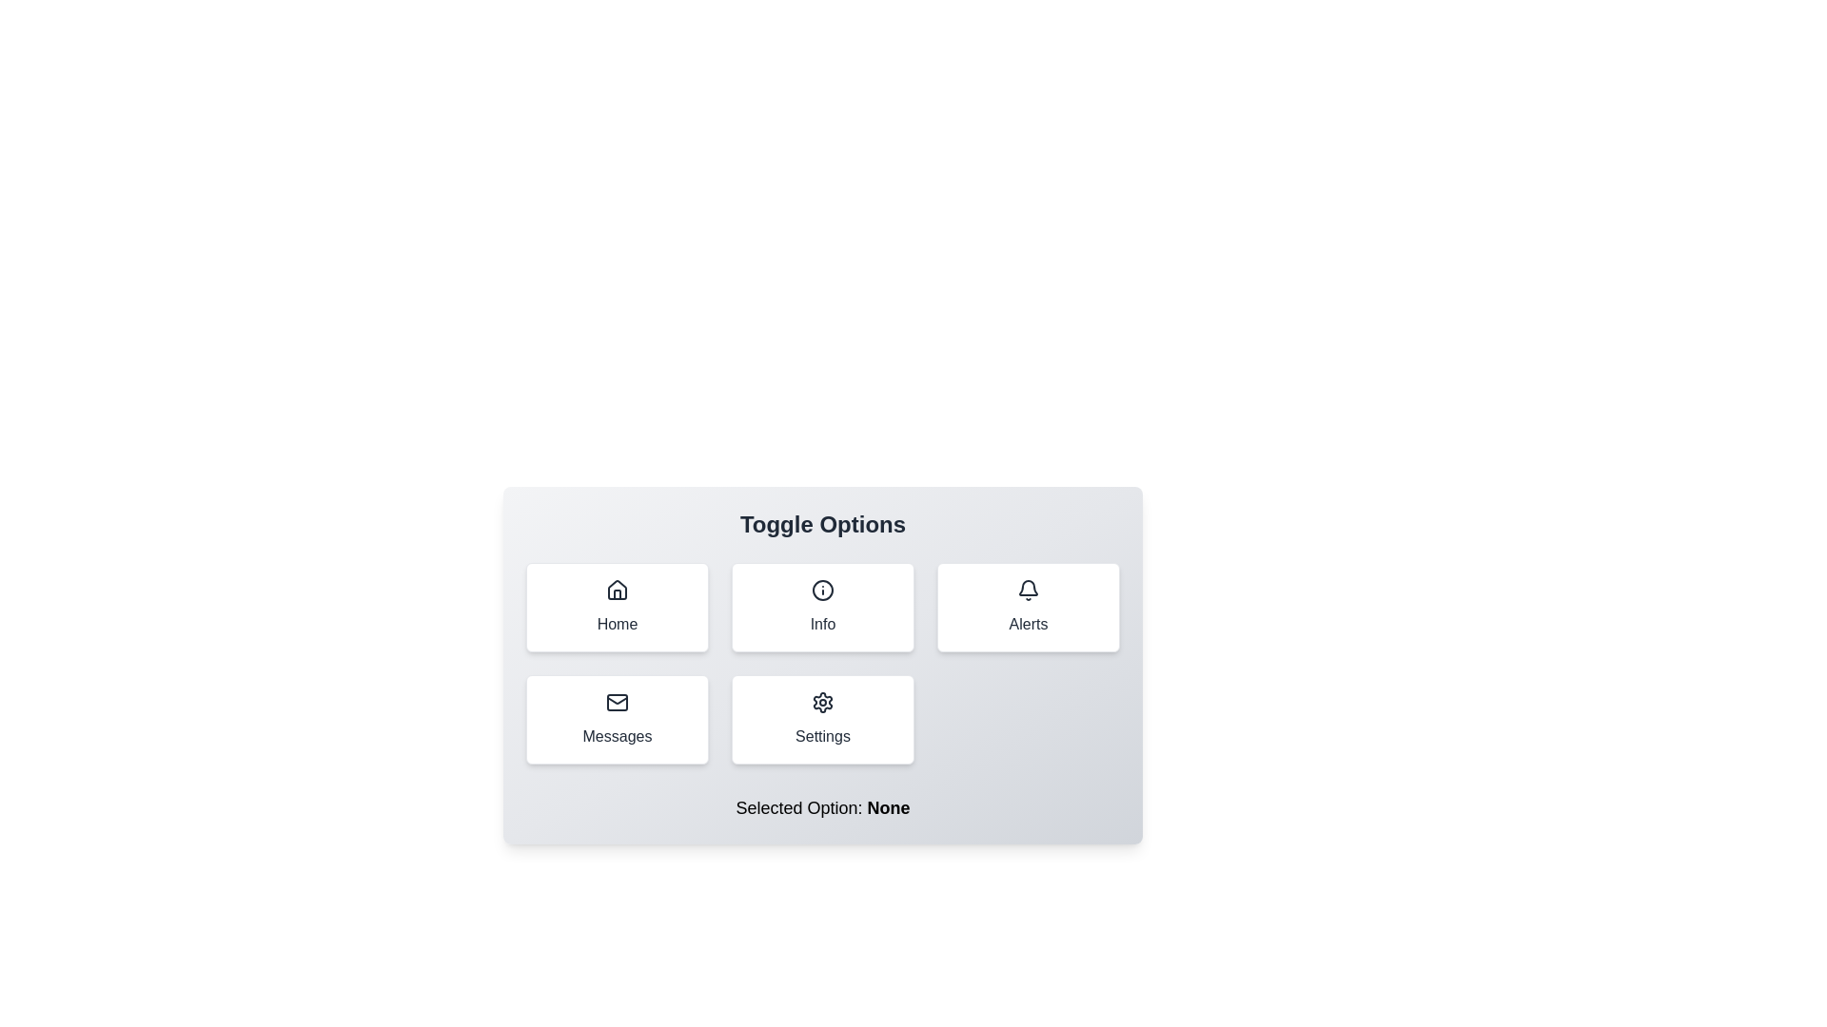  Describe the element at coordinates (617, 719) in the screenshot. I see `the button with an envelope icon labeled 'Messages' located in the bottom left corner of the grid layout` at that location.